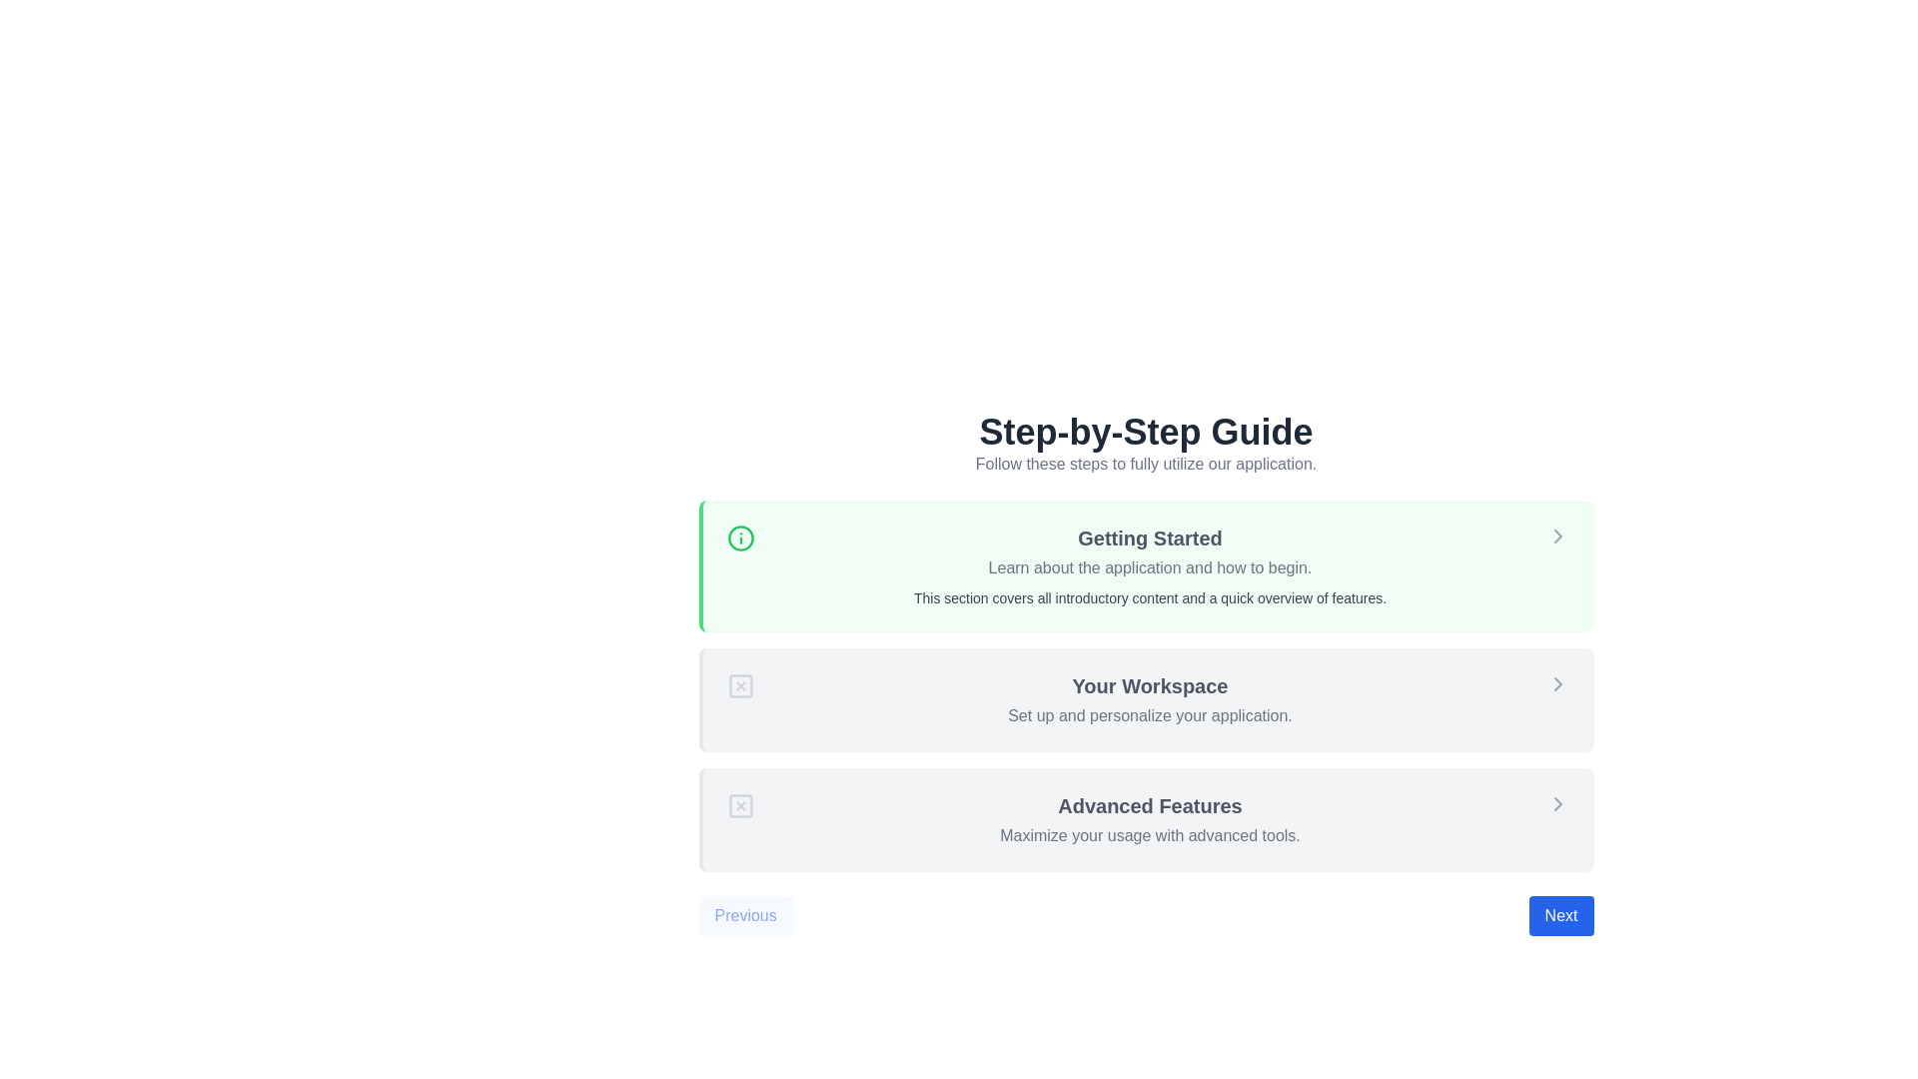  What do you see at coordinates (739, 538) in the screenshot?
I see `the green circular icon with a white background and an outlined border, located in the 'Getting Started' section` at bounding box center [739, 538].